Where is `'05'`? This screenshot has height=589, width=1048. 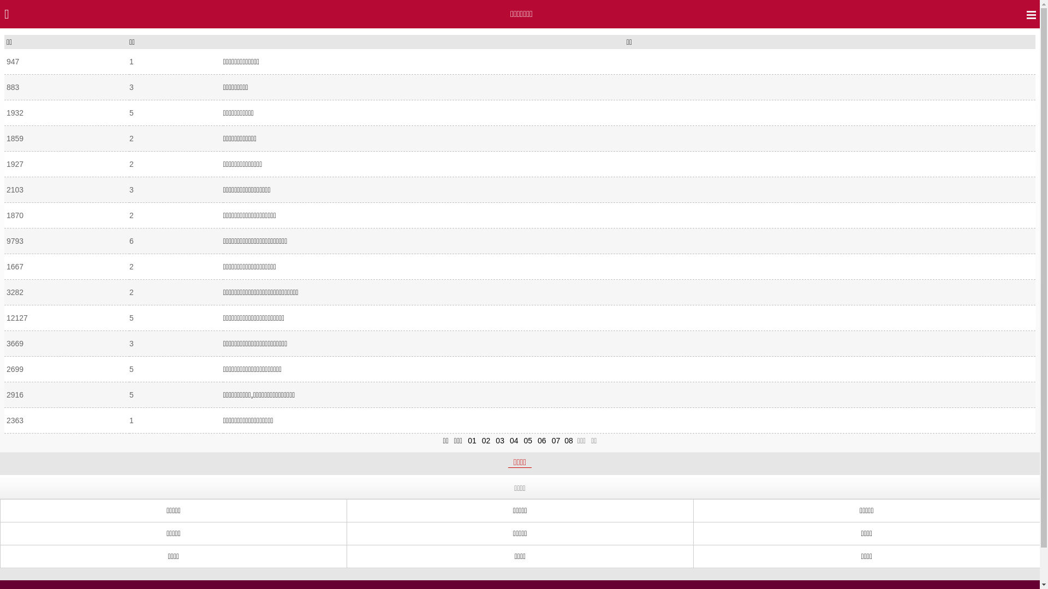
'05' is located at coordinates (524, 440).